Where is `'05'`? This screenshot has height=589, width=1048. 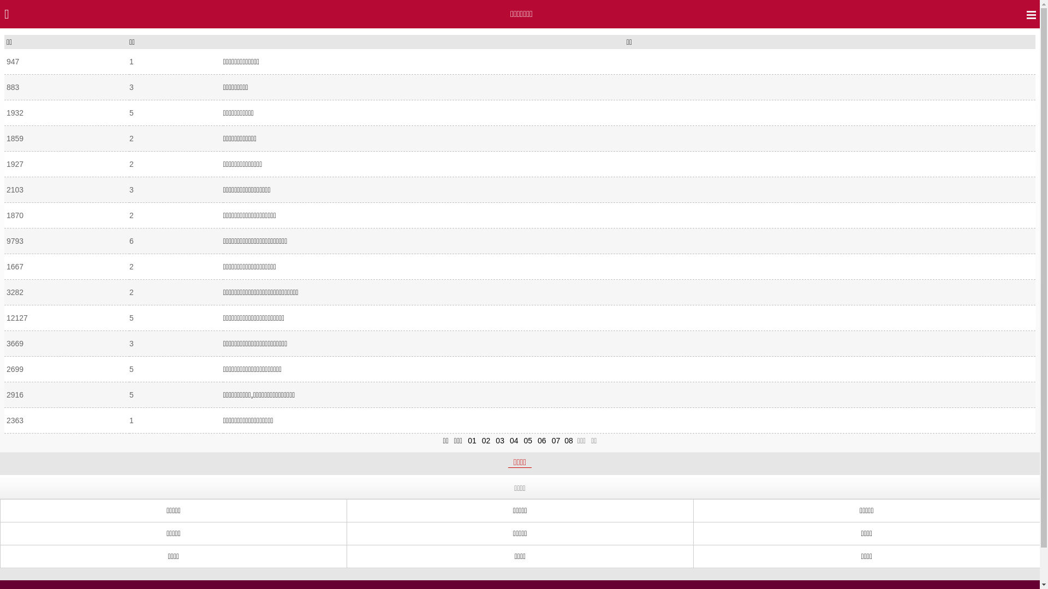
'05' is located at coordinates (524, 440).